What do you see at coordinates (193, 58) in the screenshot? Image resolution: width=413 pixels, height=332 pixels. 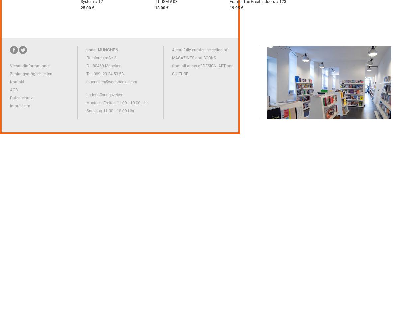 I see `'MAGAZINES and BOOKS'` at bounding box center [193, 58].